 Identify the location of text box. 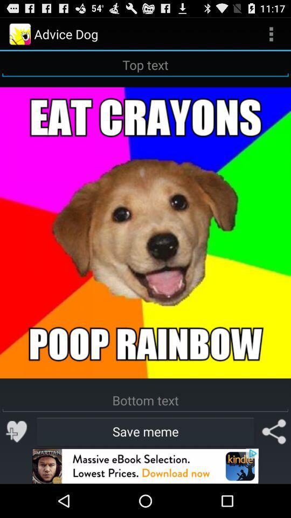
(145, 65).